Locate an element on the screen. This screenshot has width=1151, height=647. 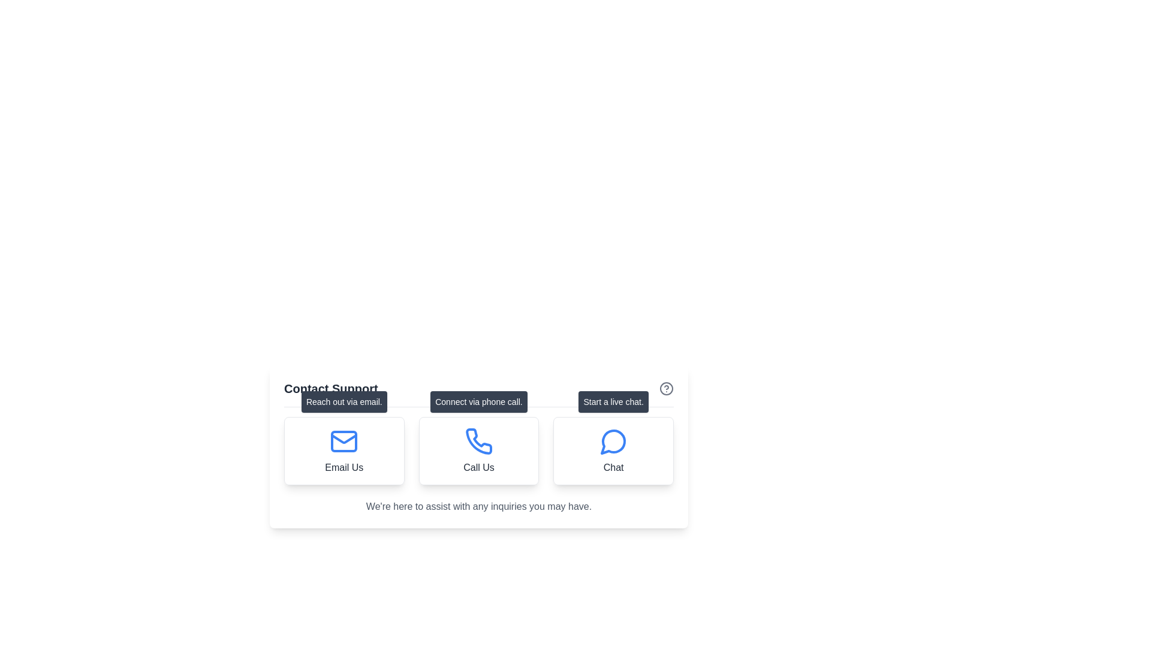
the SVG rectangle that visually enhances the 'Email Us' button, part of the mail icon is located at coordinates (344, 441).